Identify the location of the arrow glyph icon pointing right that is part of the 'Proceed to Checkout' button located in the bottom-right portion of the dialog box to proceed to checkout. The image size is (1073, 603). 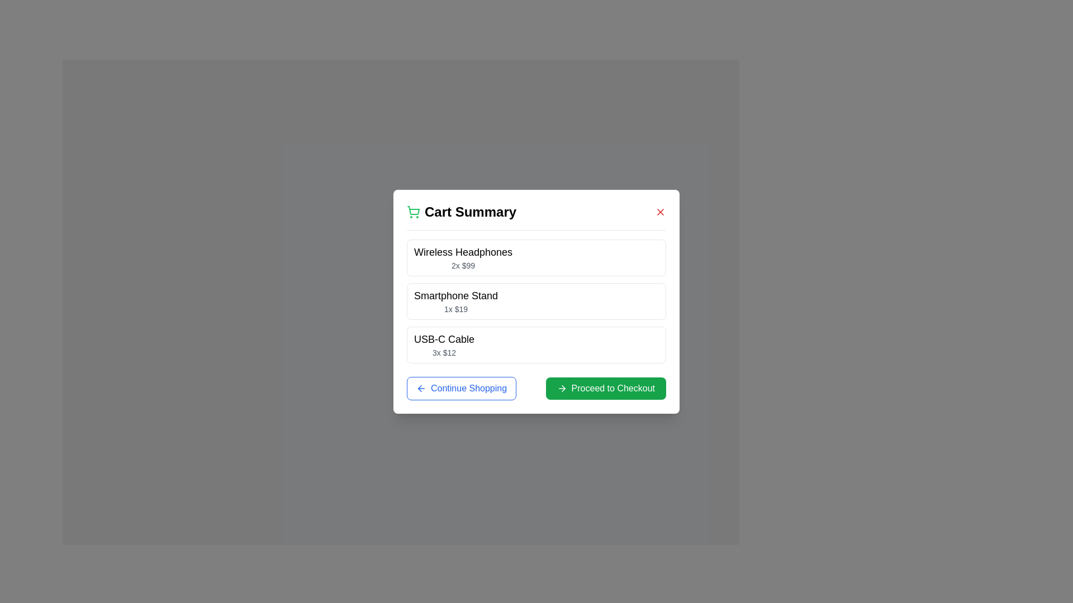
(563, 387).